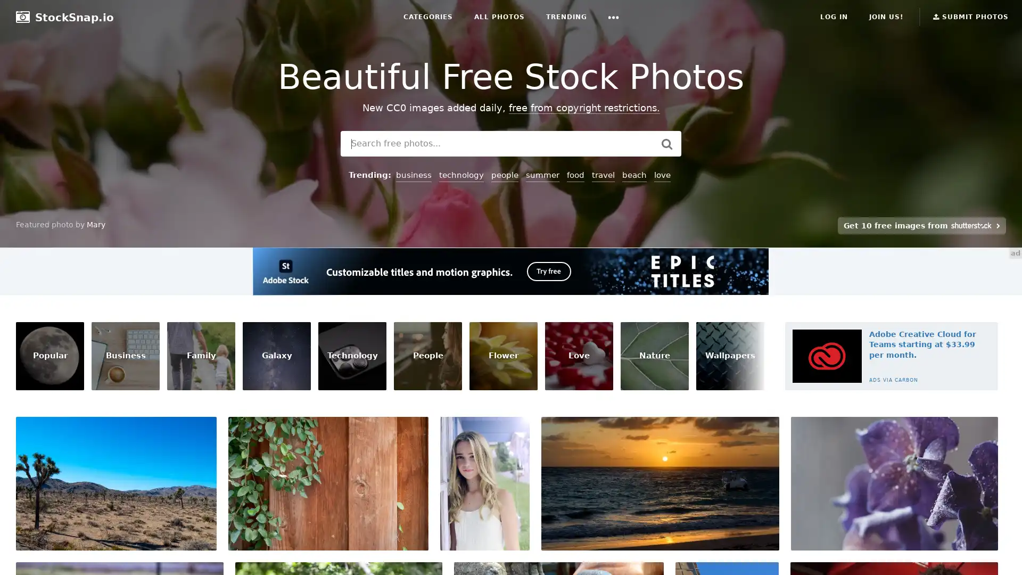 The width and height of the screenshot is (1022, 575). I want to click on Search, so click(666, 144).